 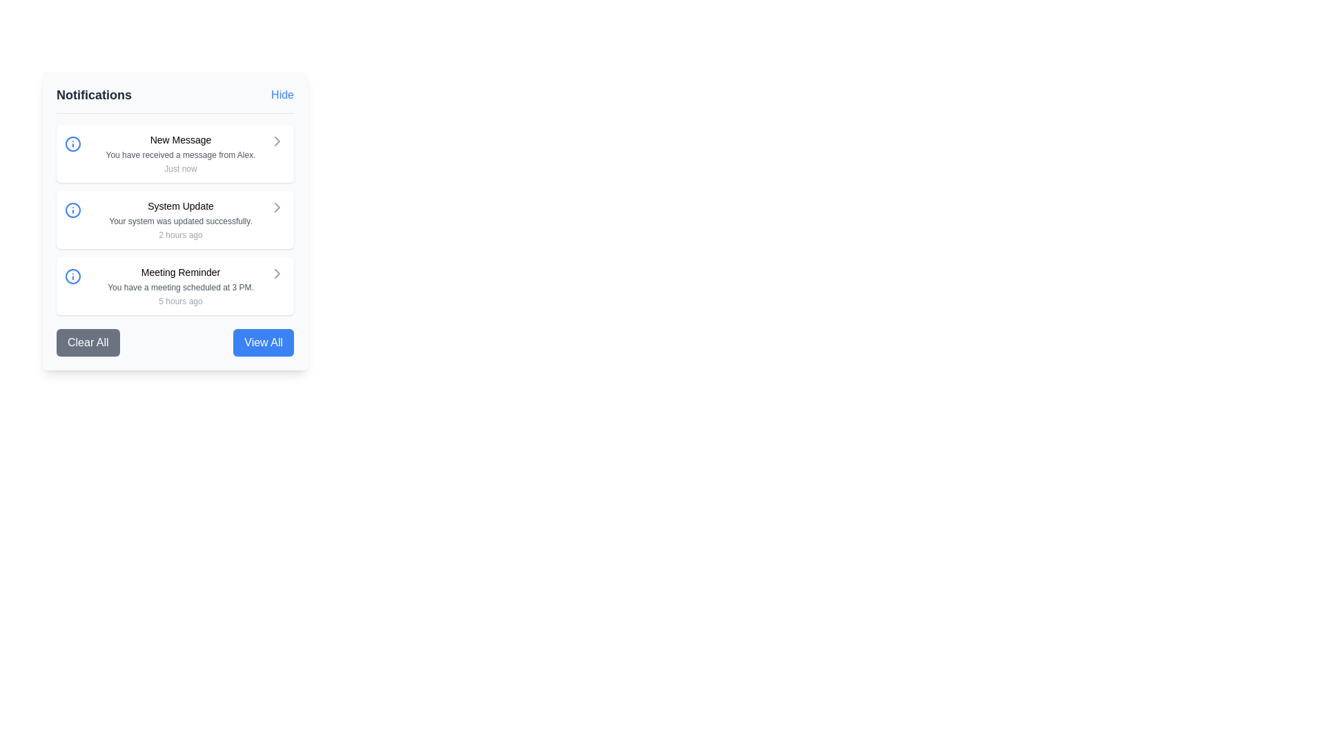 I want to click on the button in the top-right corner of the notification panel that hides the notification panel when activated, so click(x=282, y=95).